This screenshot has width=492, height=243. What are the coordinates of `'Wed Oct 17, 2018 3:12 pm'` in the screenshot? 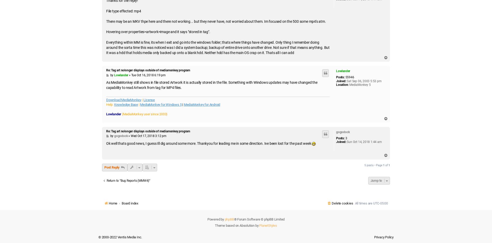 It's located at (148, 136).